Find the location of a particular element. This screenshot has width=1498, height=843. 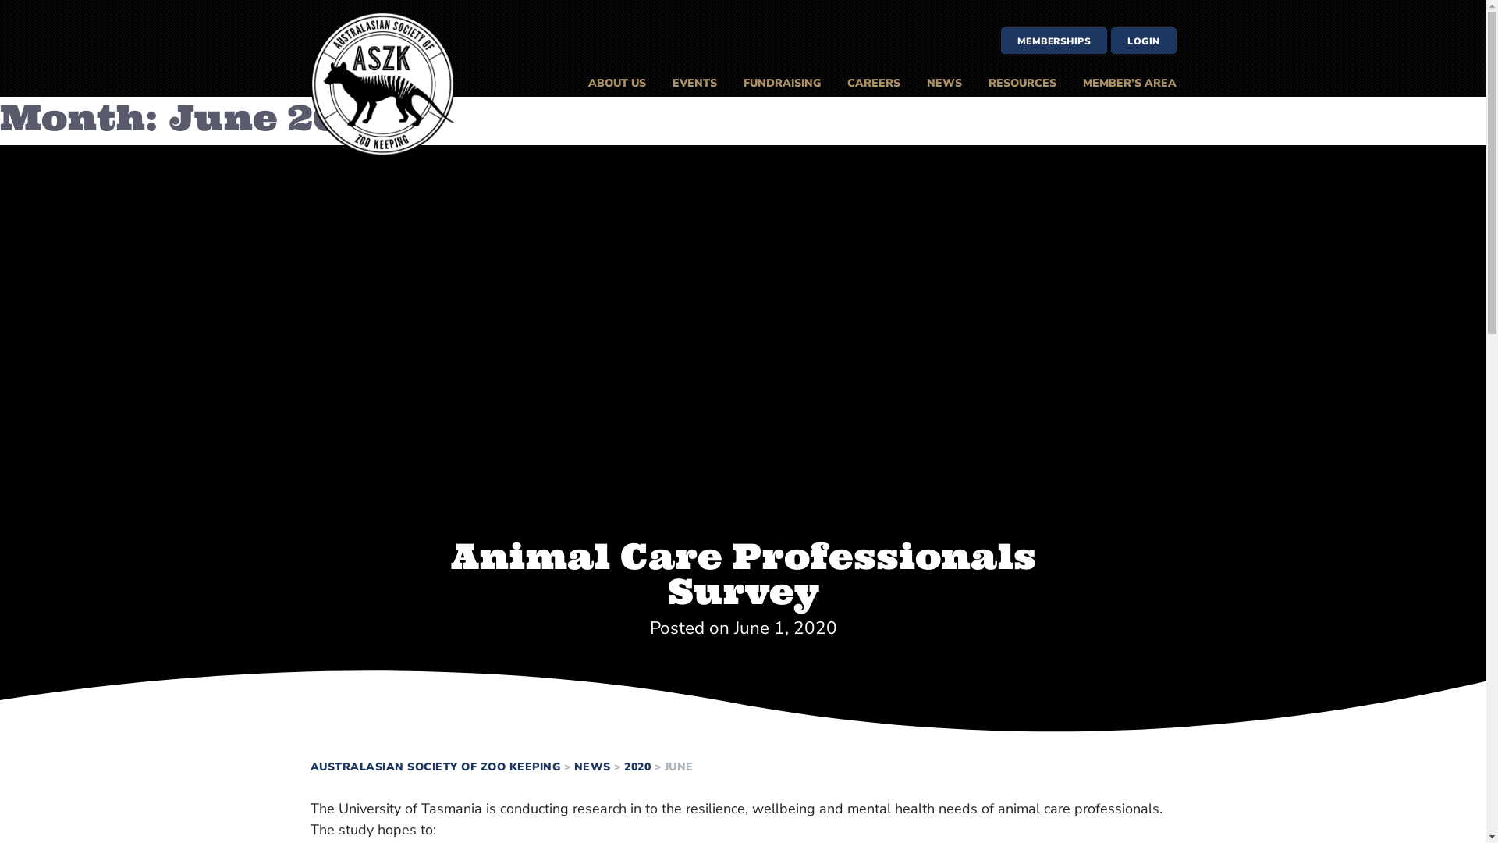

'ABOUT US' is located at coordinates (616, 84).